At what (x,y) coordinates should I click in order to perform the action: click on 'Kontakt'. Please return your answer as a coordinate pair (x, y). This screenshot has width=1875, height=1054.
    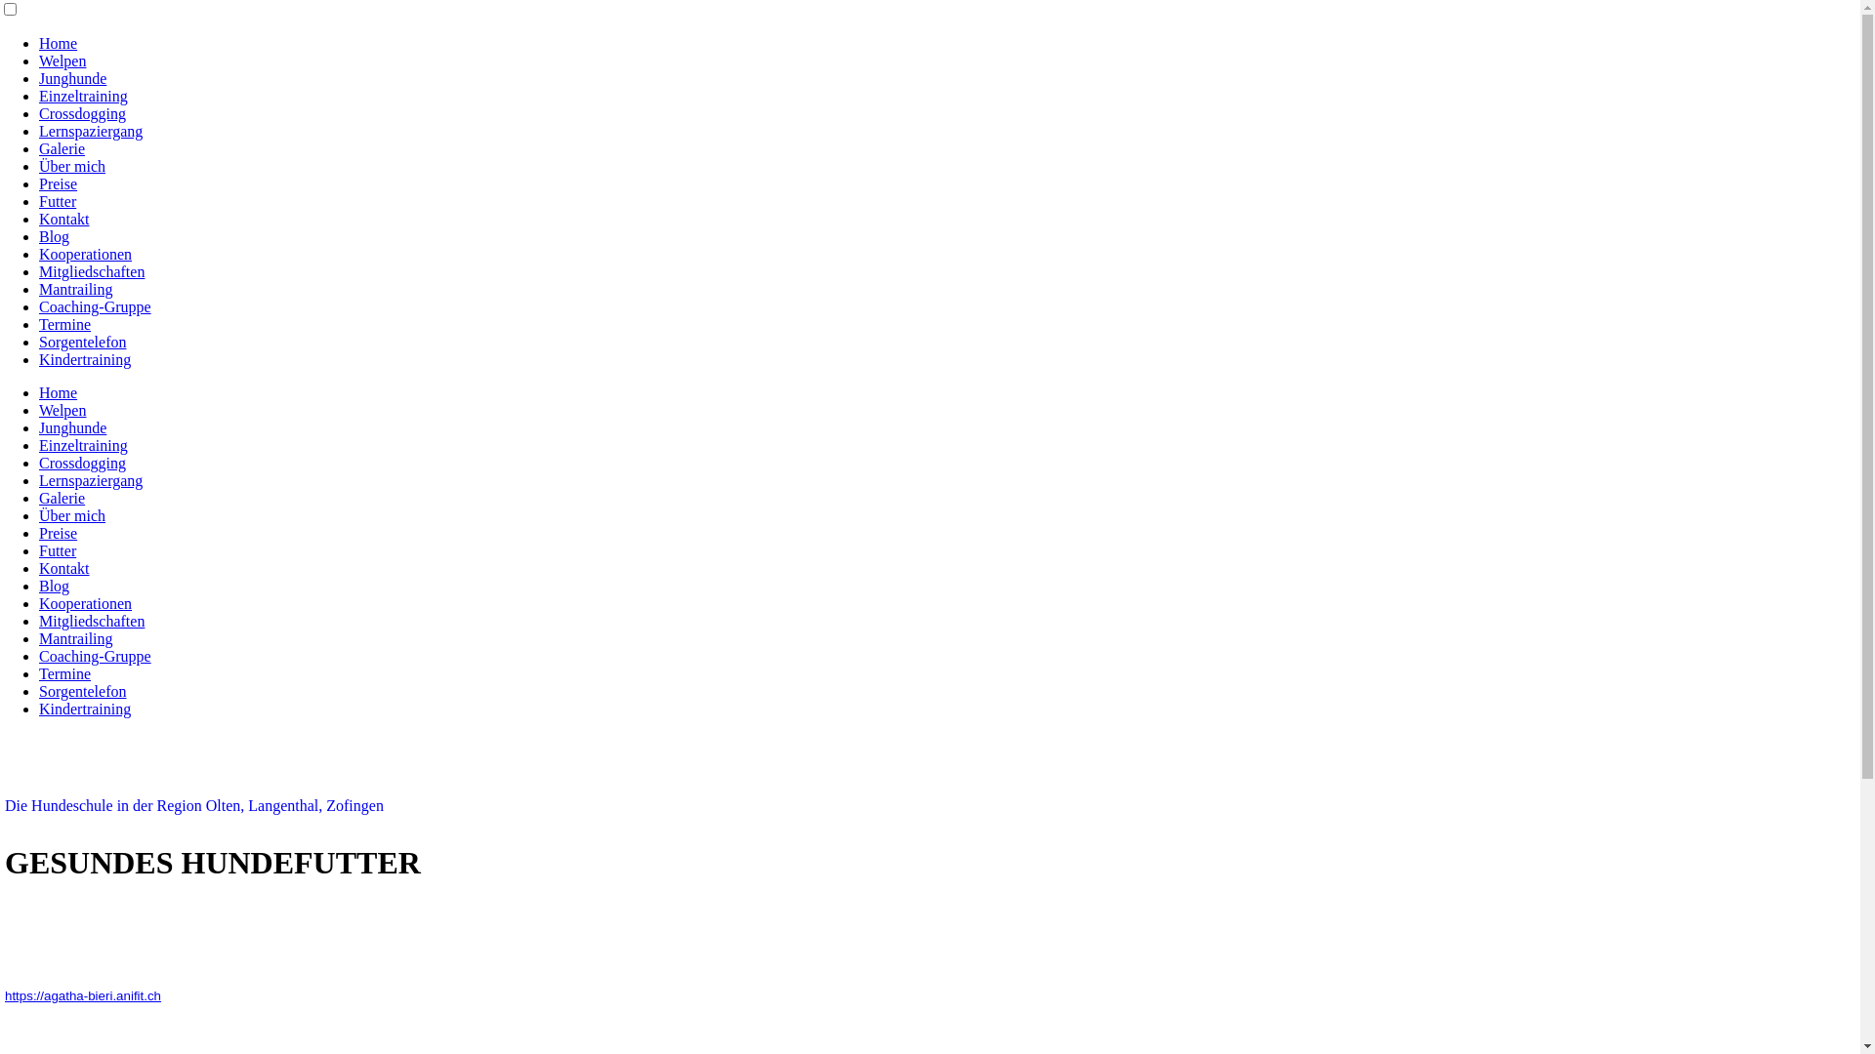
    Looking at the image, I should click on (38, 568).